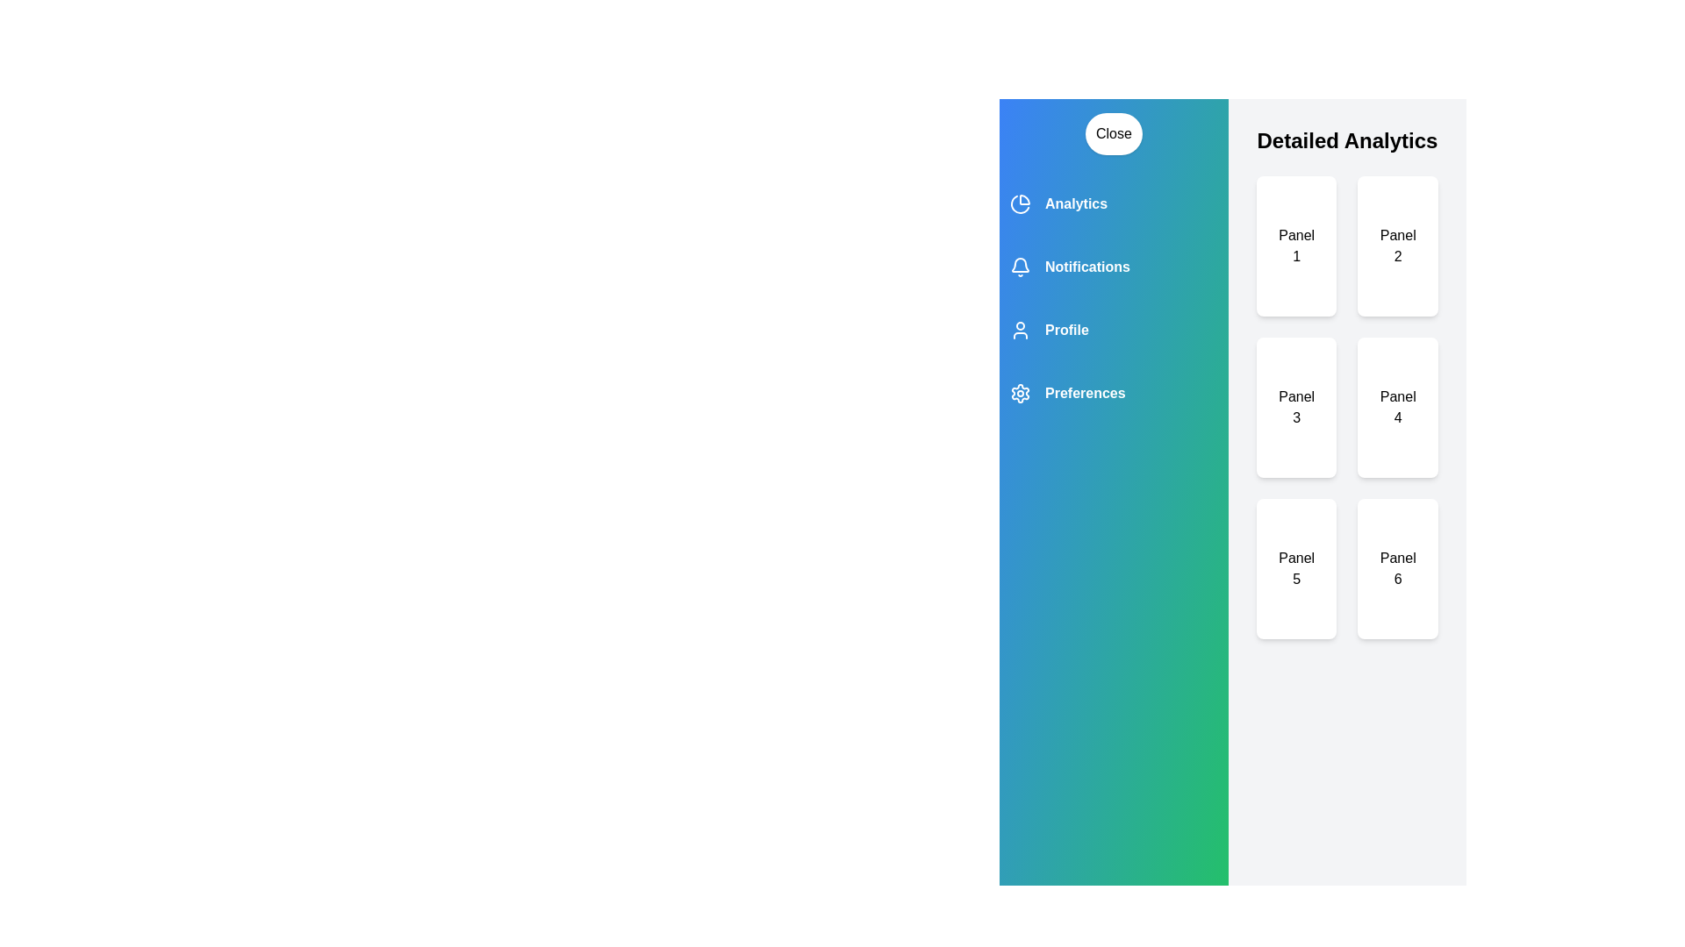  Describe the element at coordinates (1113, 133) in the screenshot. I see `'Close' button to toggle the panel state` at that location.